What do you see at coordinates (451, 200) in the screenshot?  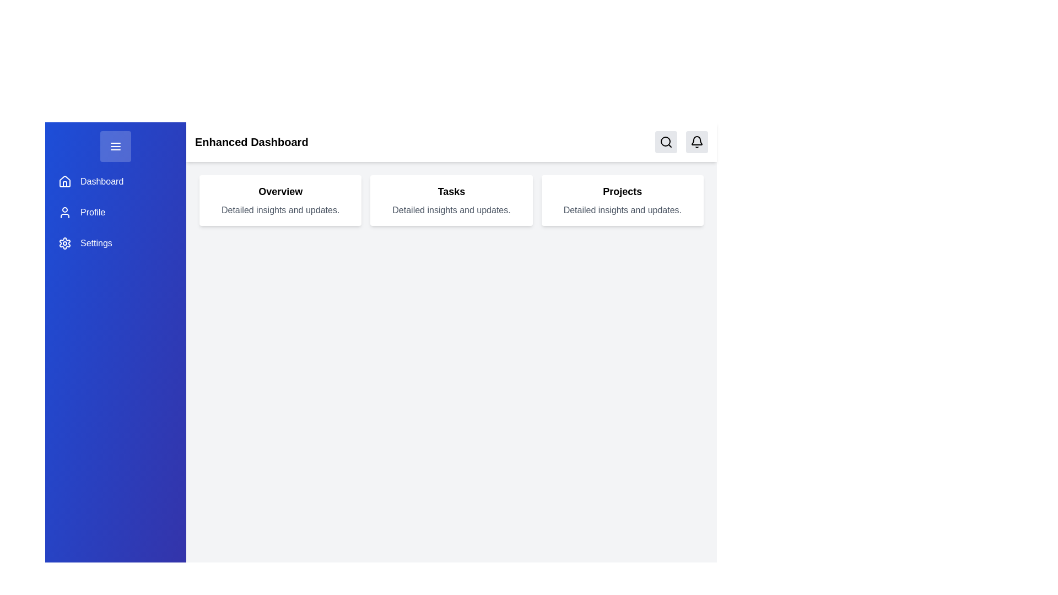 I see `the informational card with the title 'Tasks', which is the second card in a three-column layout, positioned between the 'Overview' and 'Projects' cards` at bounding box center [451, 200].